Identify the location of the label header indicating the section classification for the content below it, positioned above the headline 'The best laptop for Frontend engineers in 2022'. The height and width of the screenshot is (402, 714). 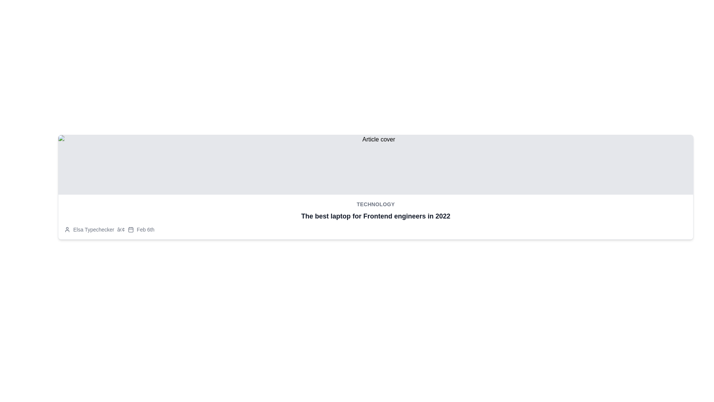
(376, 204).